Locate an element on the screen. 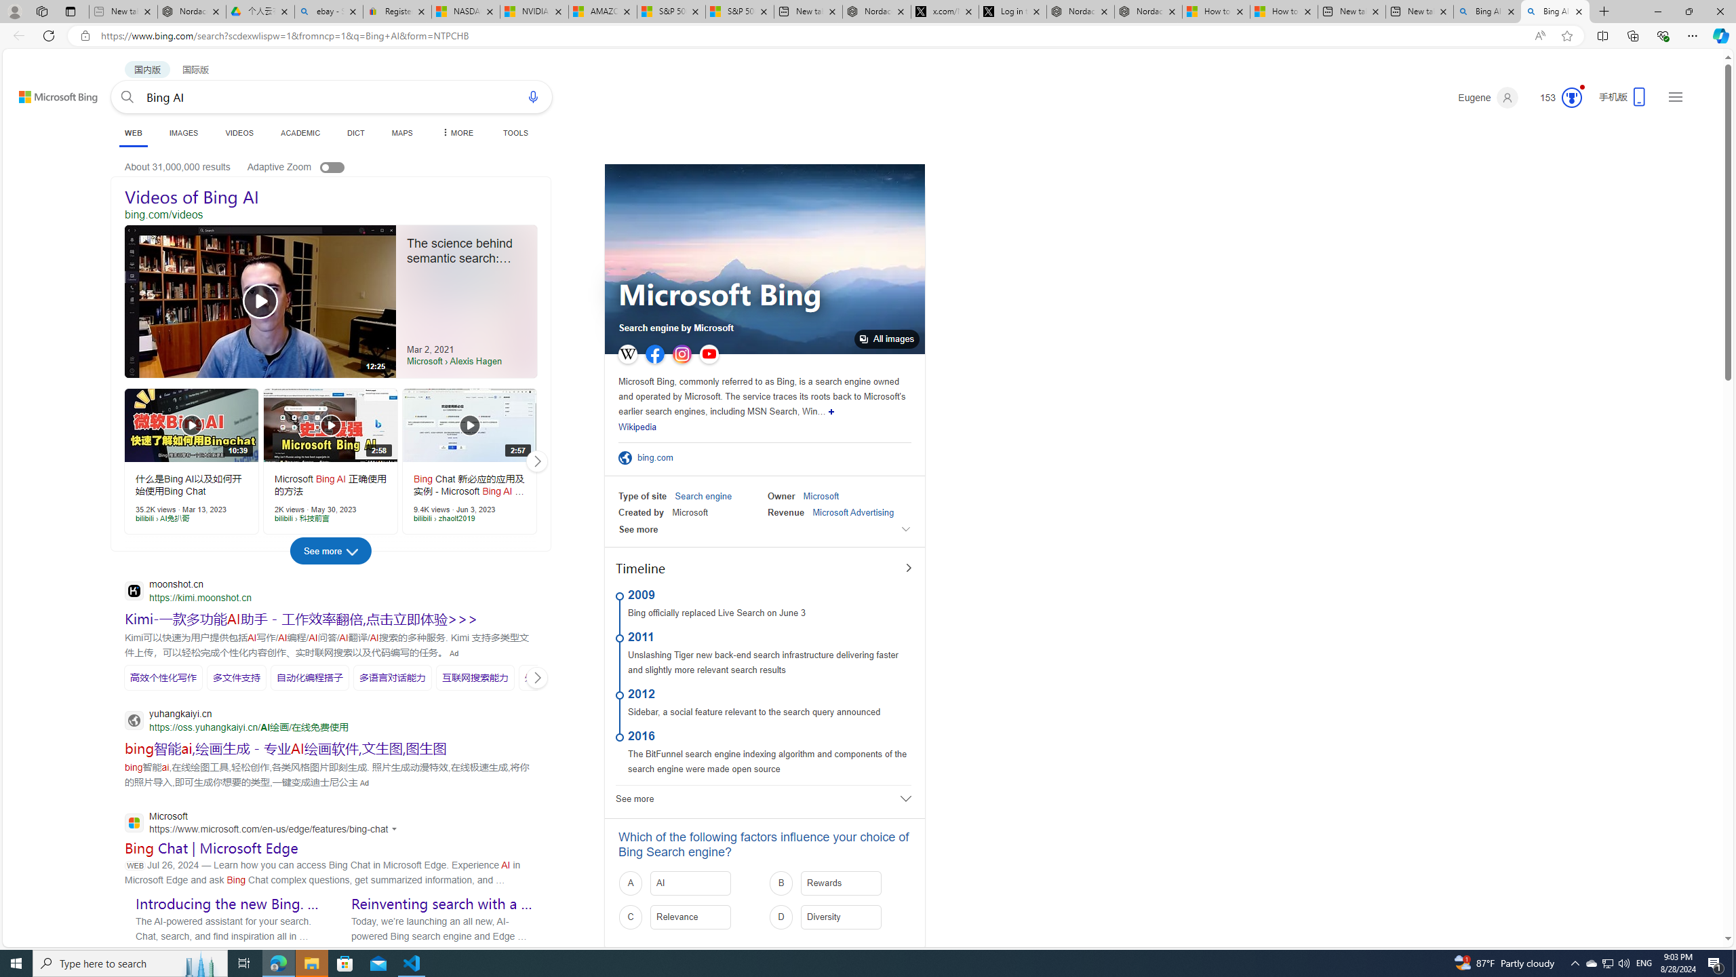  'Class: sp-ofsite' is located at coordinates (625, 457).